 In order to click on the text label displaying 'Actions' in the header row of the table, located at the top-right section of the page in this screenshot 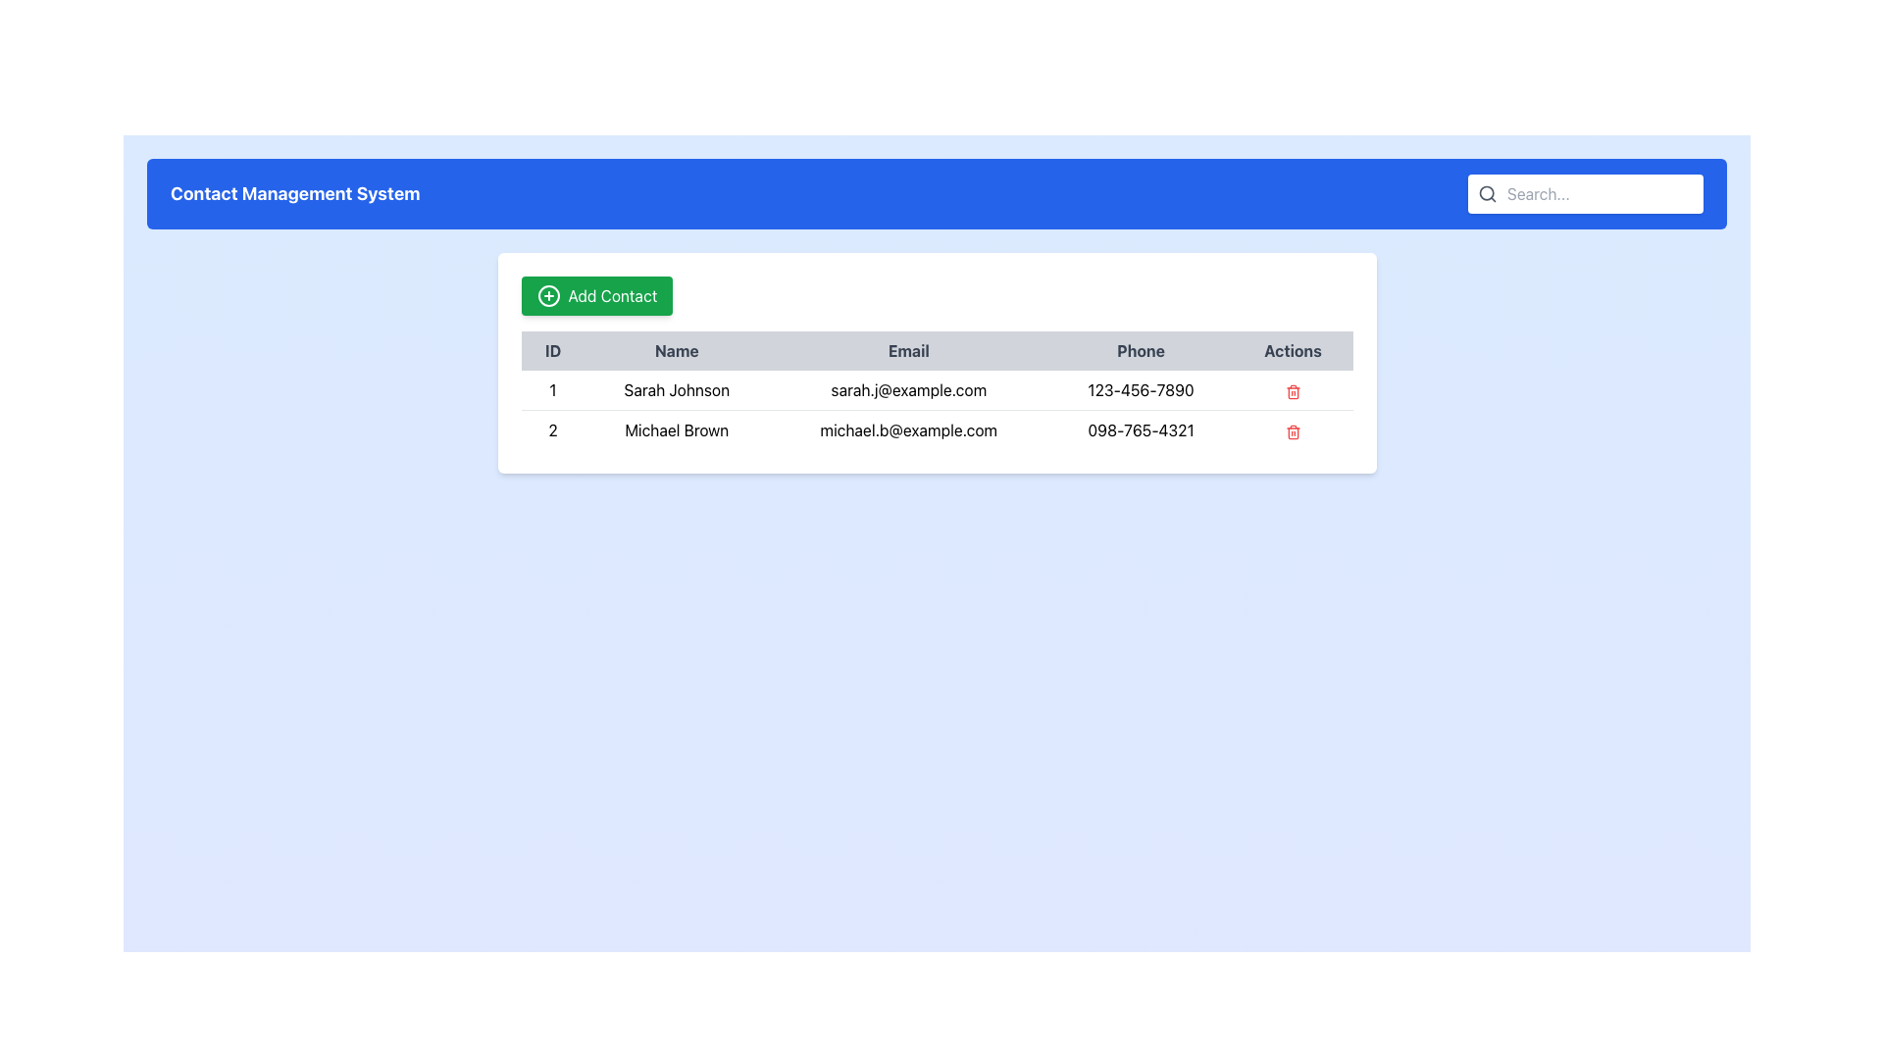, I will do `click(1293, 350)`.